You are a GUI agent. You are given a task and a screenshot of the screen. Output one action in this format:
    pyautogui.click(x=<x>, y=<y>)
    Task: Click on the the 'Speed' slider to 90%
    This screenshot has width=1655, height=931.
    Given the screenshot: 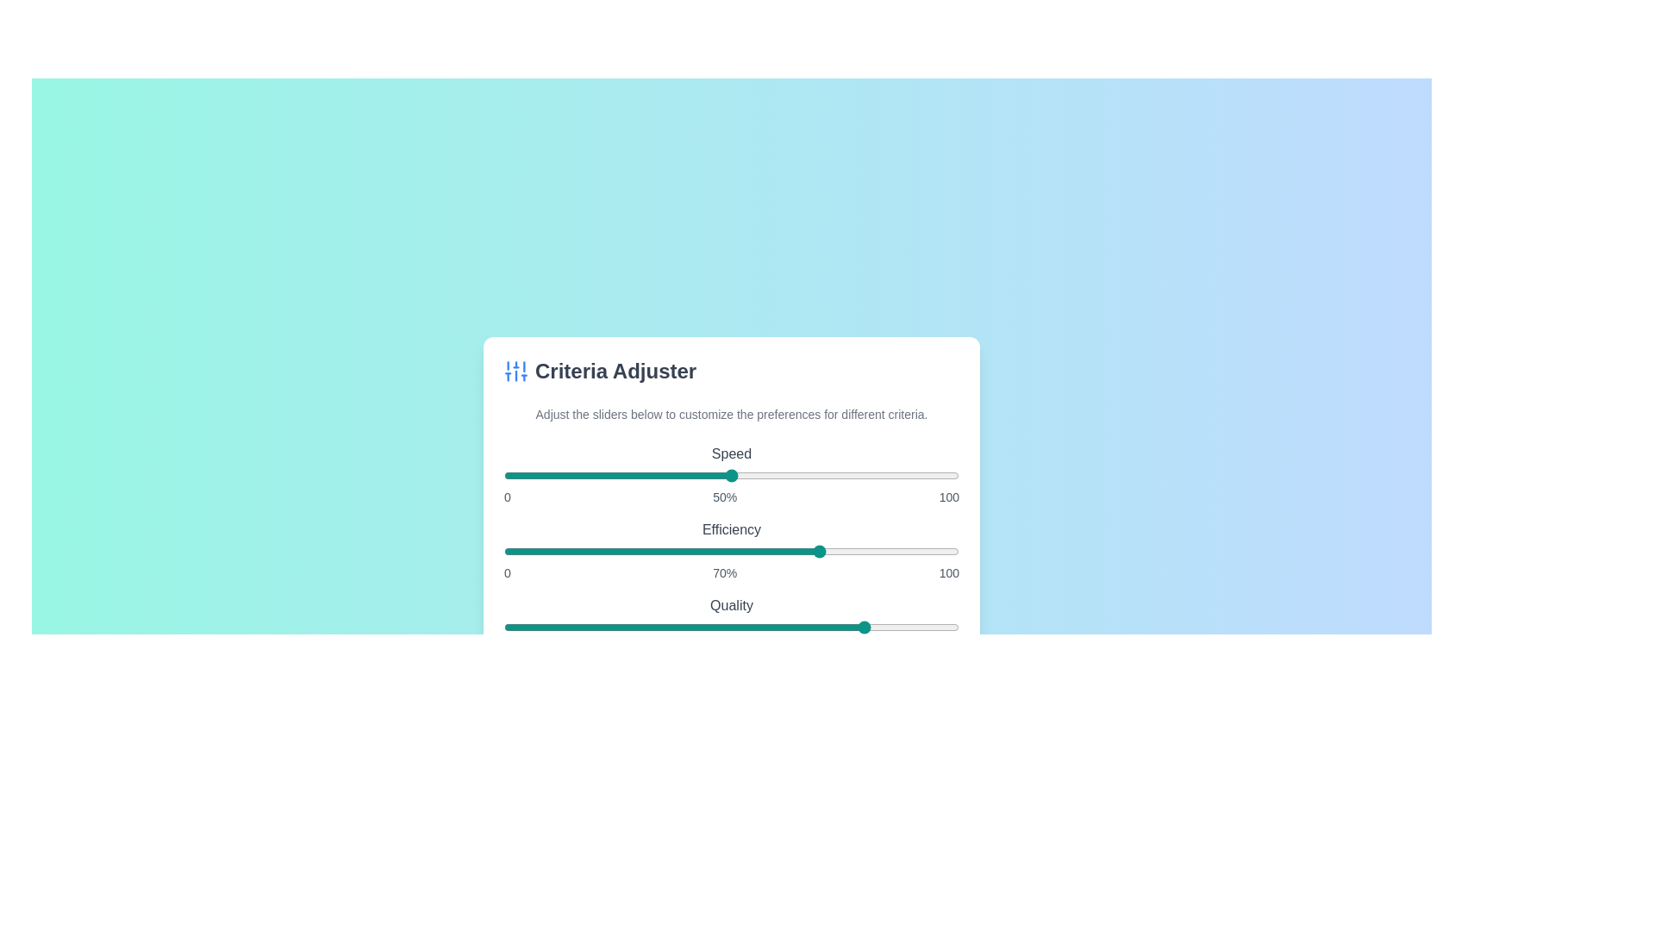 What is the action you would take?
    pyautogui.click(x=913, y=475)
    